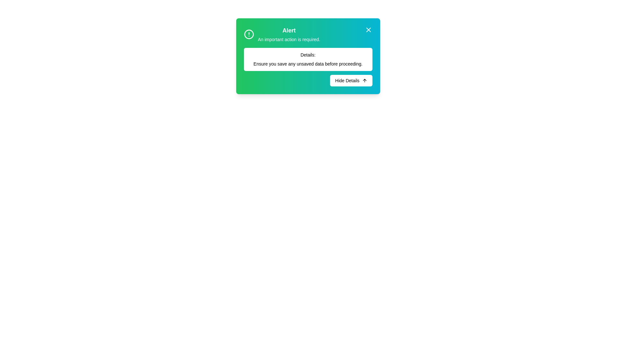 Image resolution: width=617 pixels, height=347 pixels. What do you see at coordinates (364, 80) in the screenshot?
I see `the small upward arrow icon within the 'Hide Details' button located in the bottom-right corner of the modal dialog` at bounding box center [364, 80].